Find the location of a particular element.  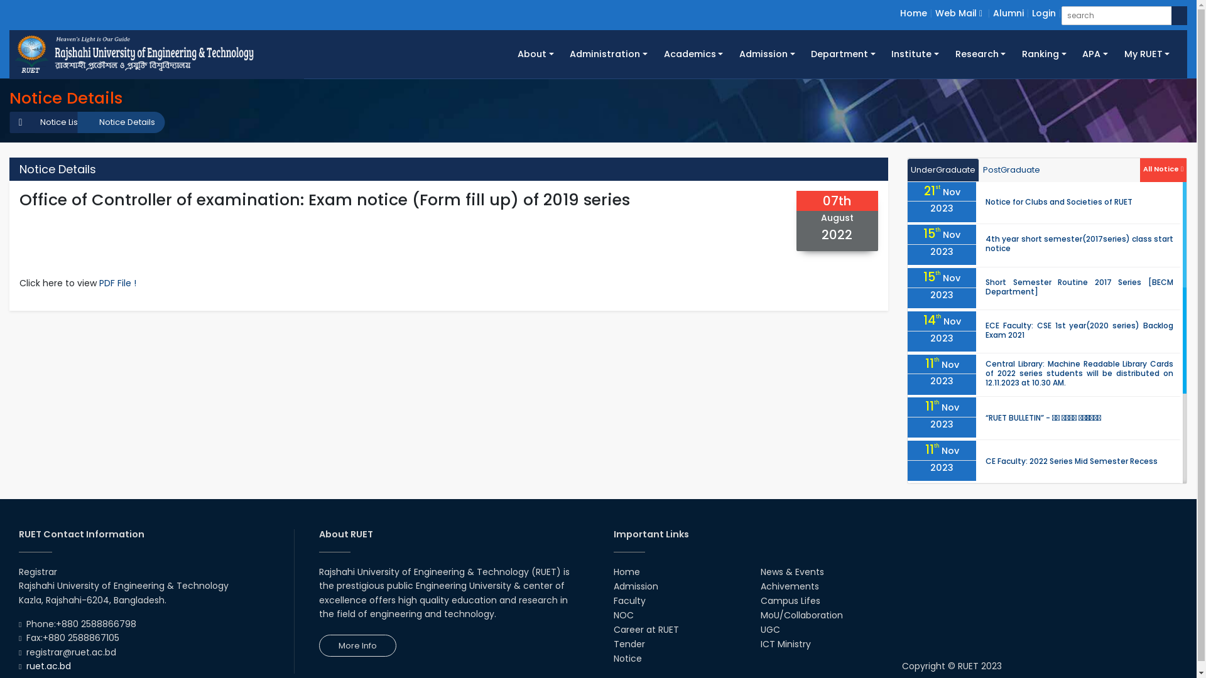

'Notice' is located at coordinates (627, 658).